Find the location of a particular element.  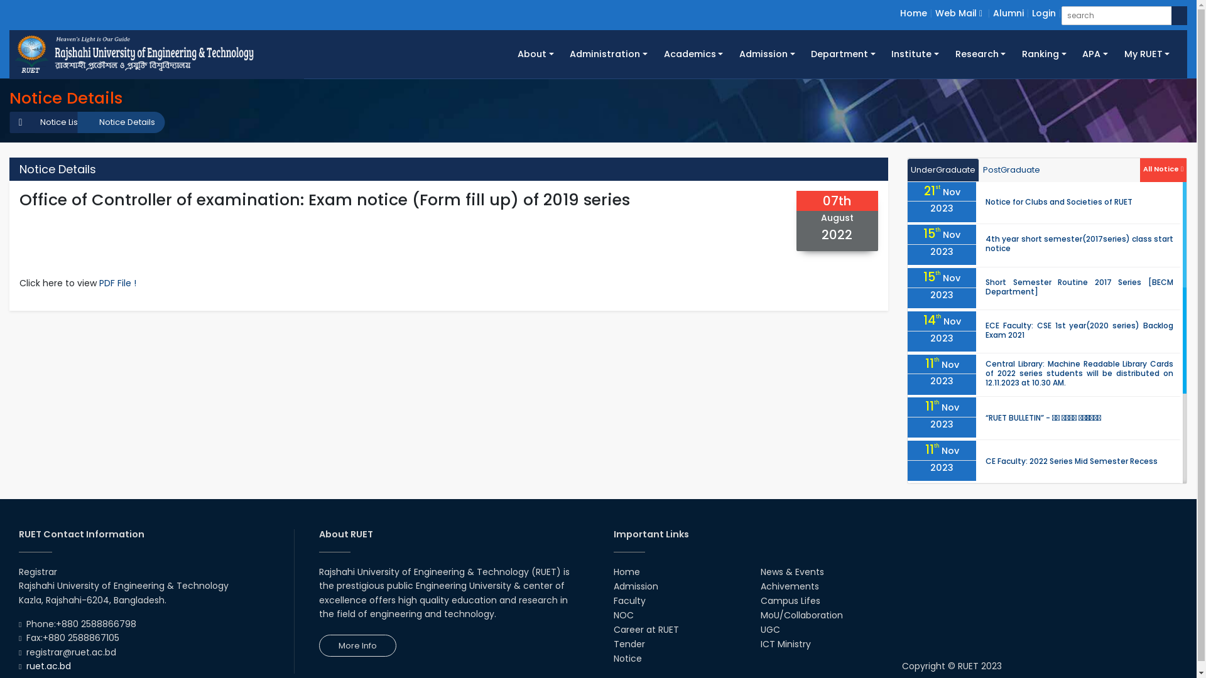

'Notice' is located at coordinates (627, 658).